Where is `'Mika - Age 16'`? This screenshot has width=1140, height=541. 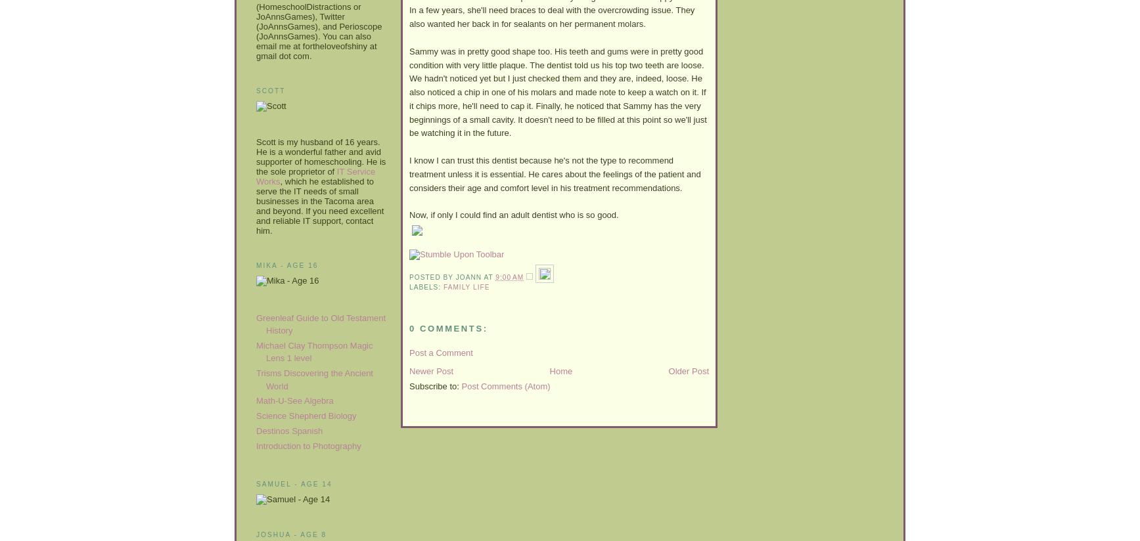
'Mika - Age 16' is located at coordinates (287, 265).